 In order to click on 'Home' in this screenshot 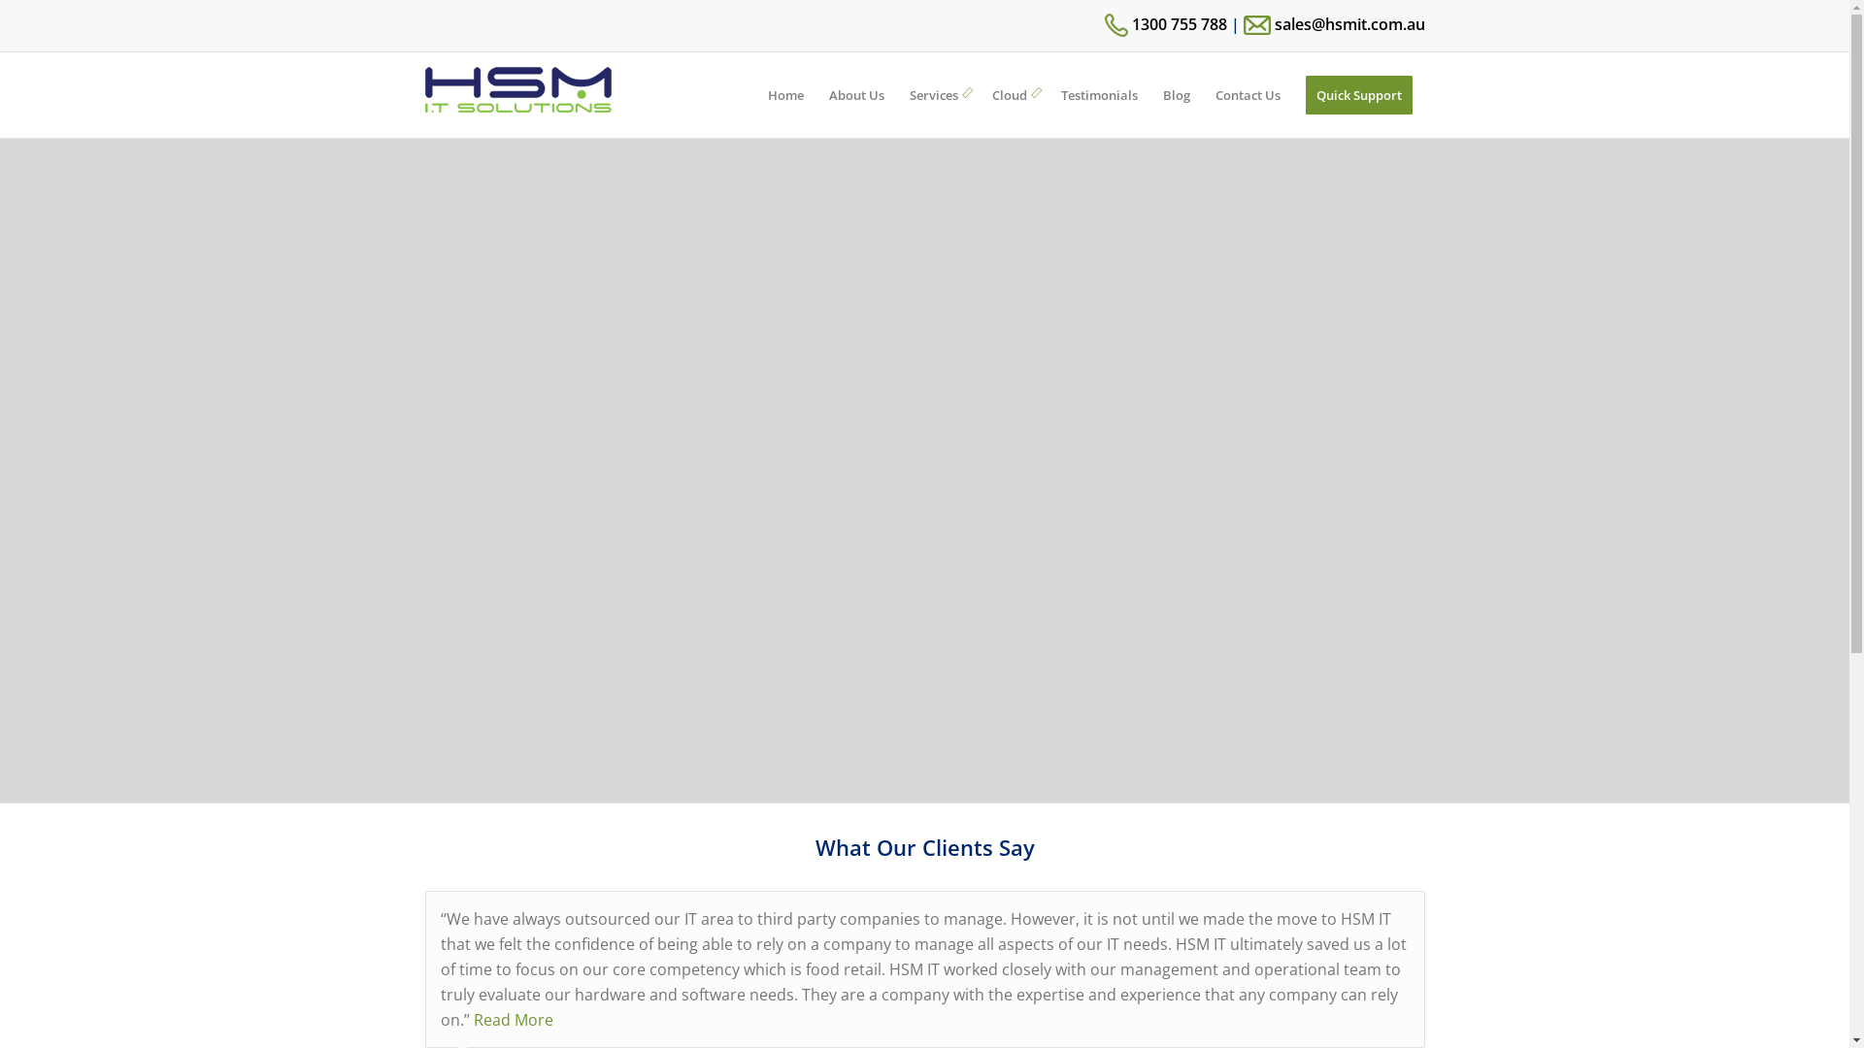, I will do `click(785, 94)`.